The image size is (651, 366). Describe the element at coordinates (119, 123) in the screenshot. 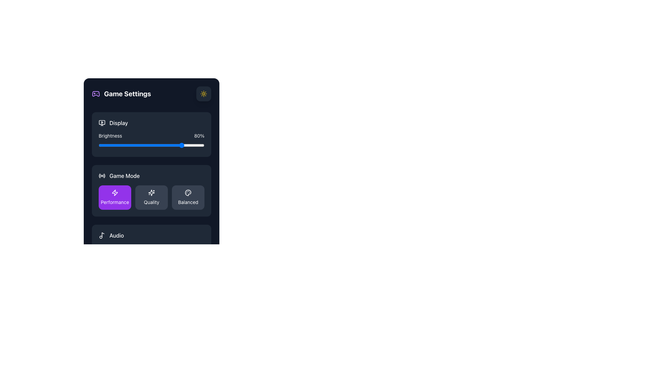

I see `text label displaying the word 'Display', which is styled with light text on a dark background and positioned to the right of a monitor icon` at that location.